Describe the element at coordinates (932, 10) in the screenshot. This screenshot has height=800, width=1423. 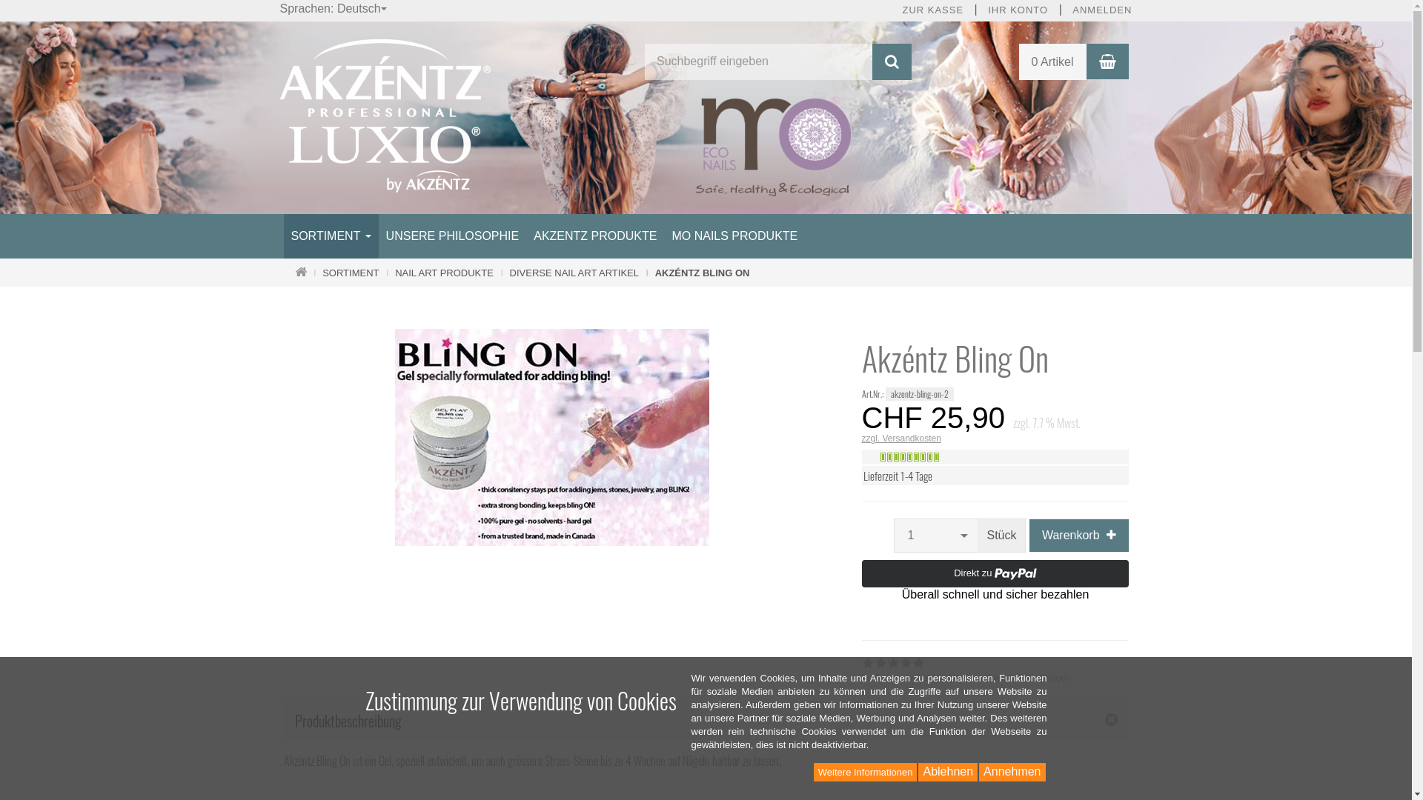
I see `'ZUR KASSE'` at that location.